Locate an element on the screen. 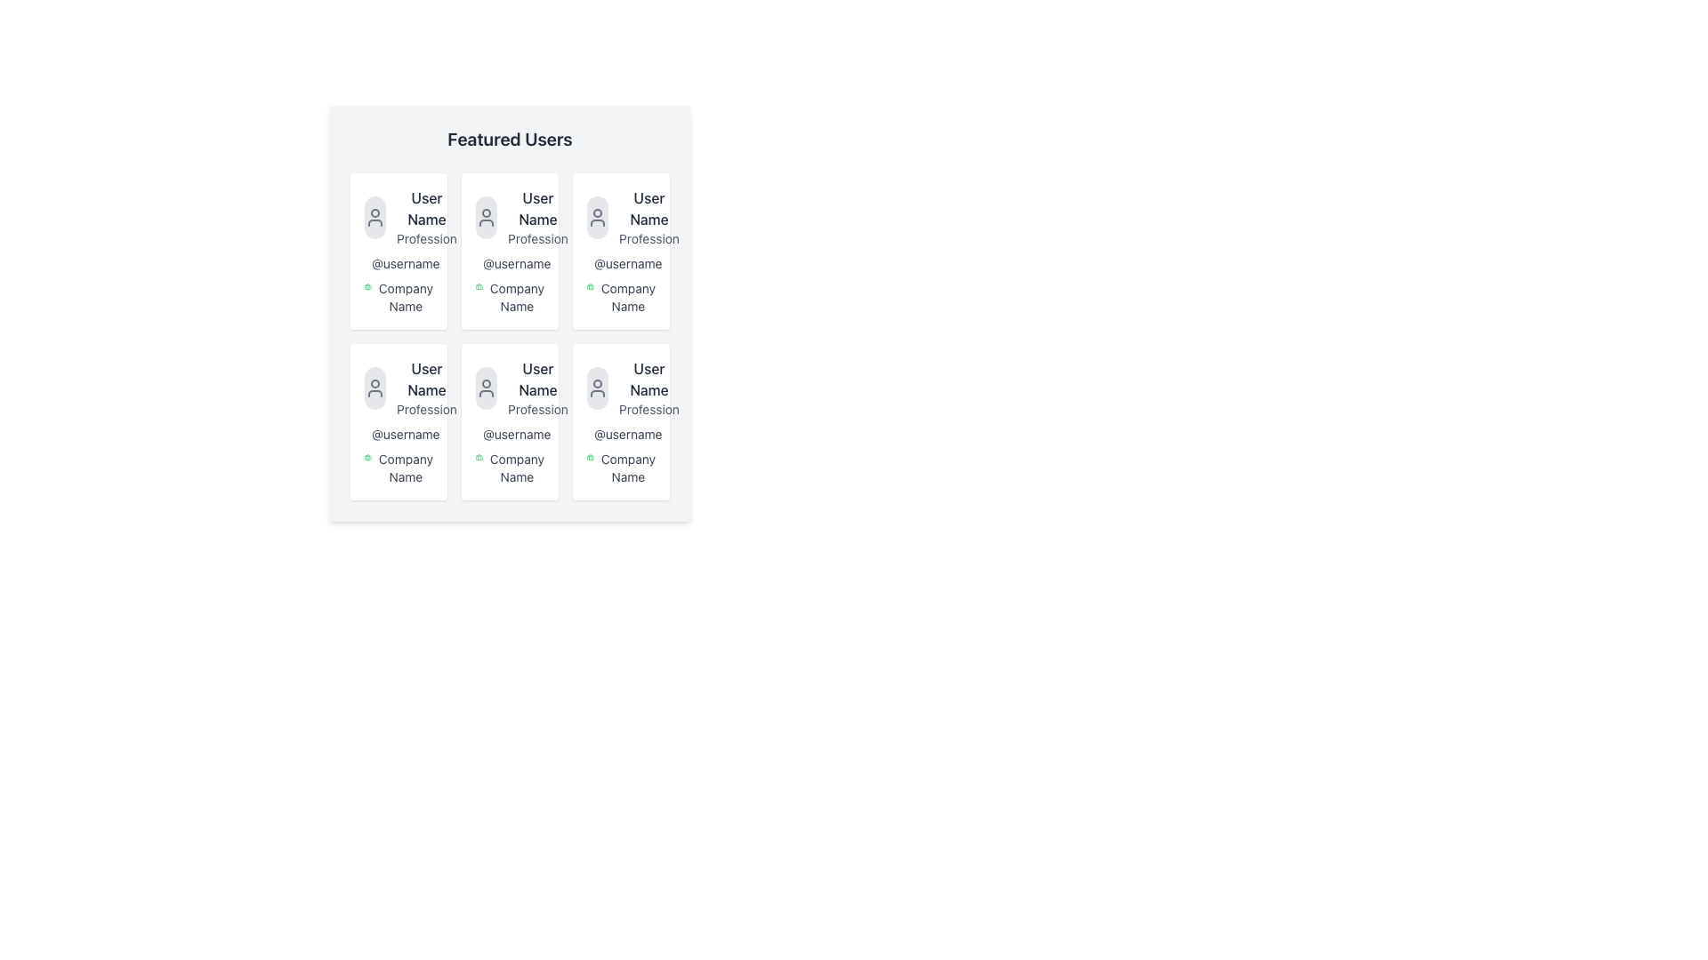 This screenshot has height=960, width=1708. the icon representing the 'Company Name' section located in the first row, third column card under 'Featured Users' is located at coordinates (590, 286).